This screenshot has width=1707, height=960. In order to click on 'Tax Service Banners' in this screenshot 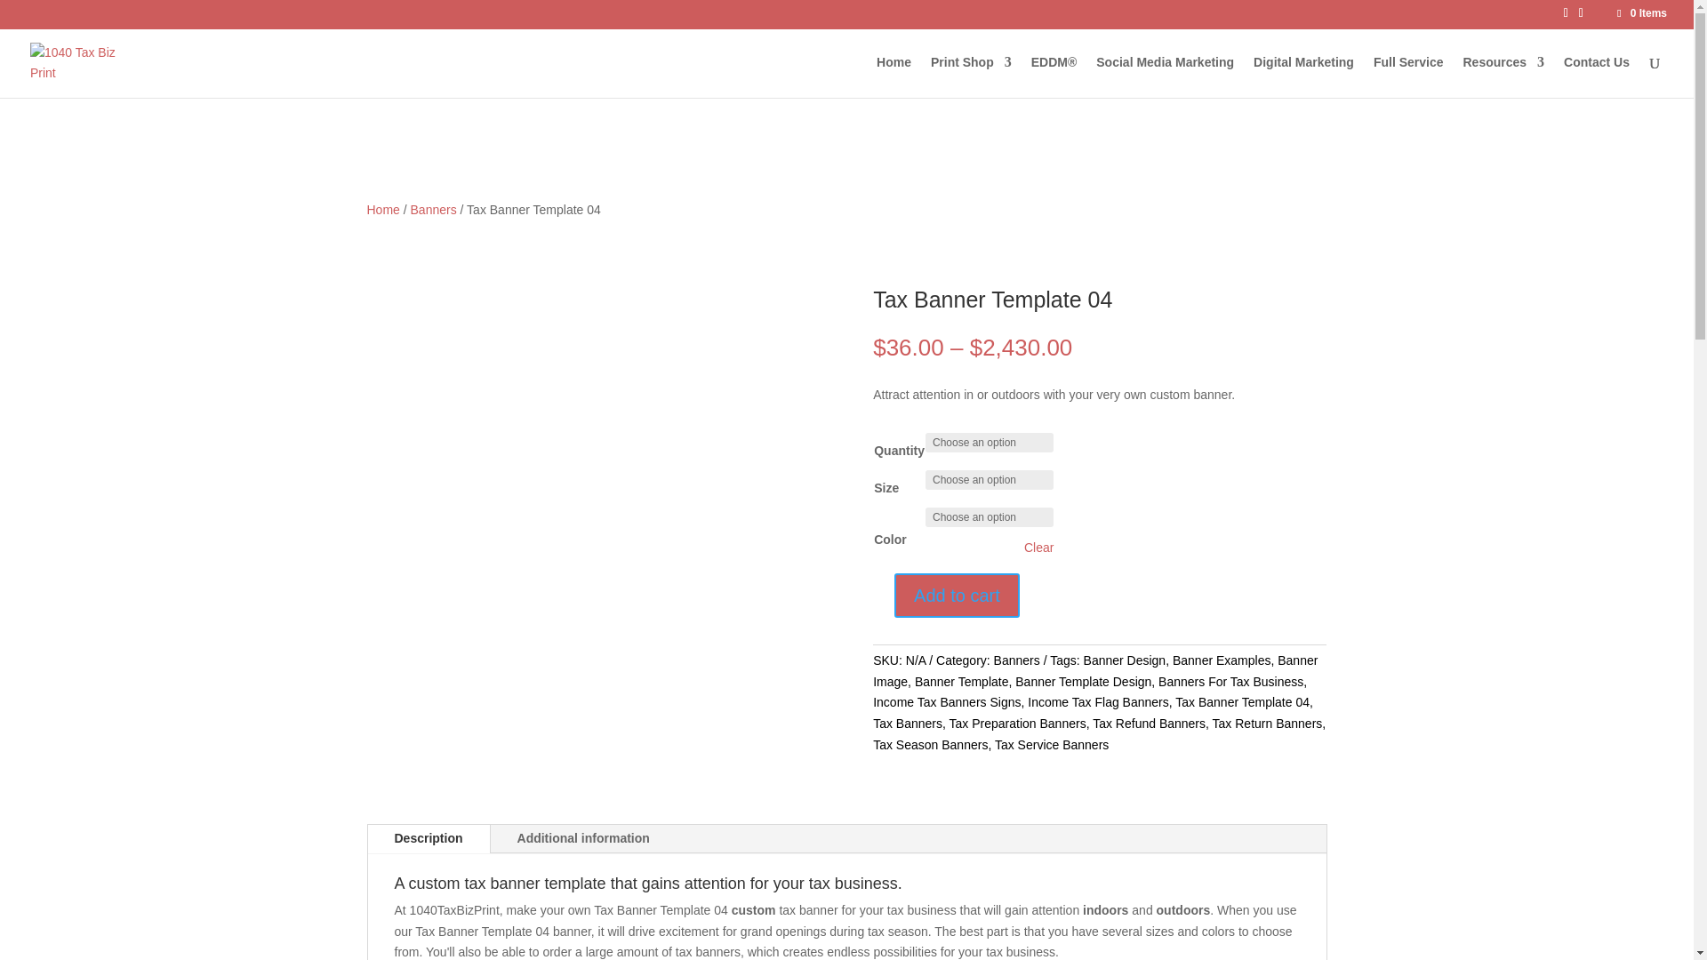, I will do `click(1051, 744)`.